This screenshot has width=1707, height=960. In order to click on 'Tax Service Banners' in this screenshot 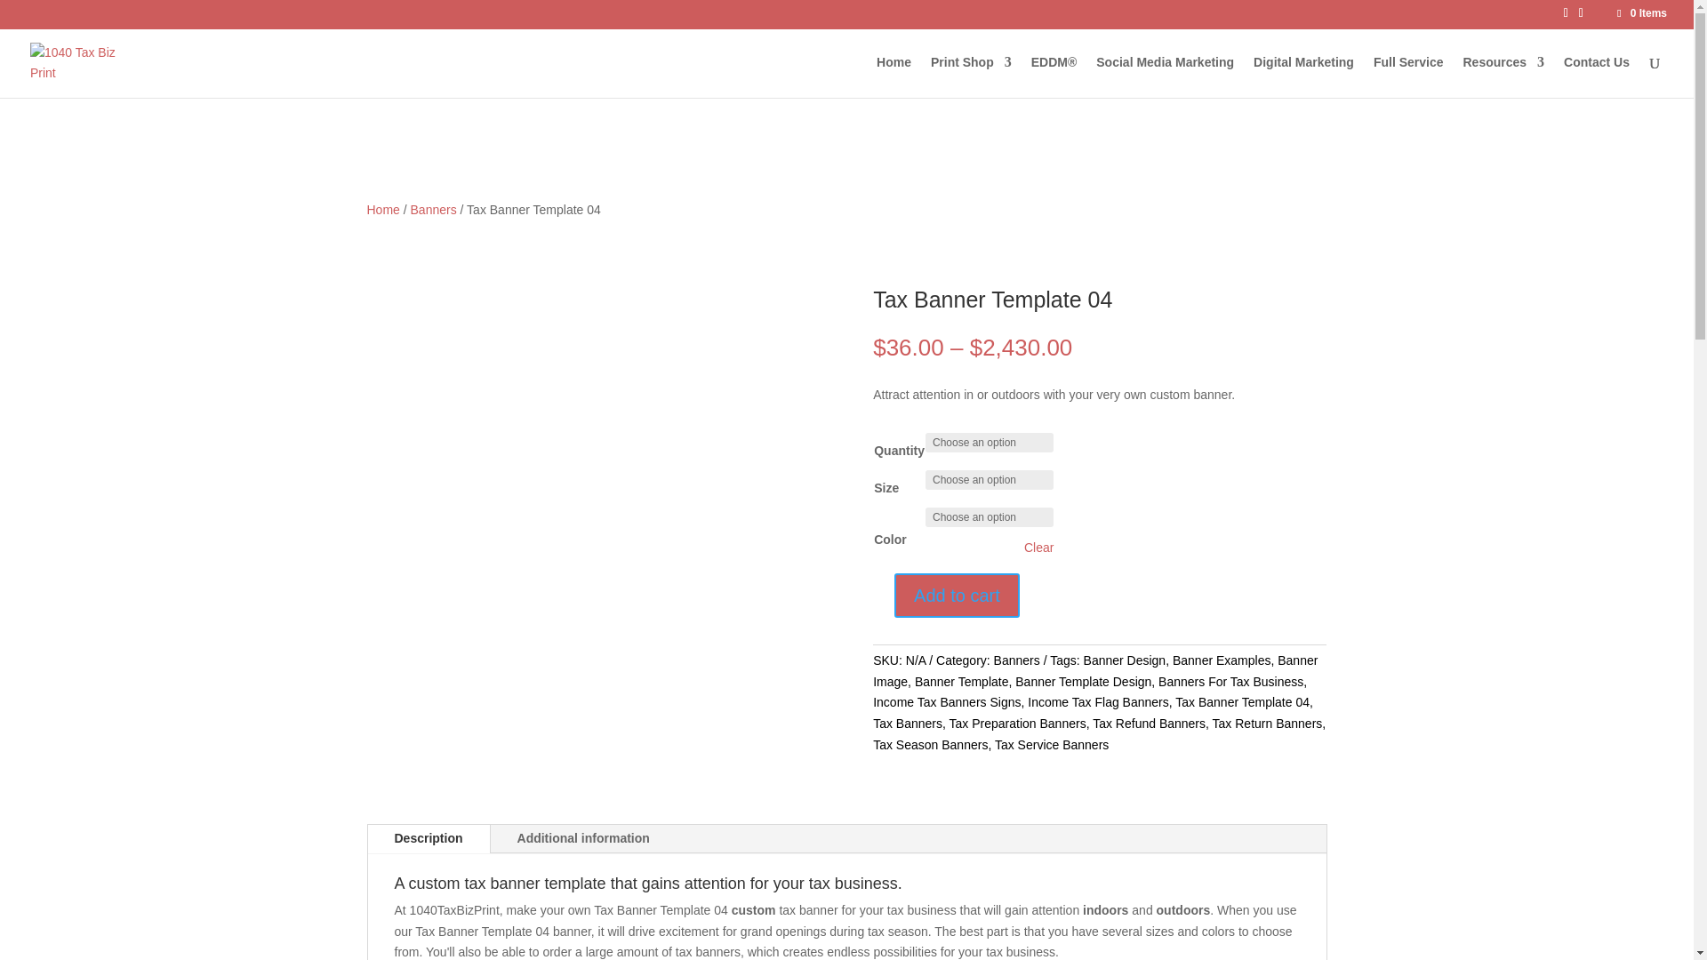, I will do `click(1051, 744)`.